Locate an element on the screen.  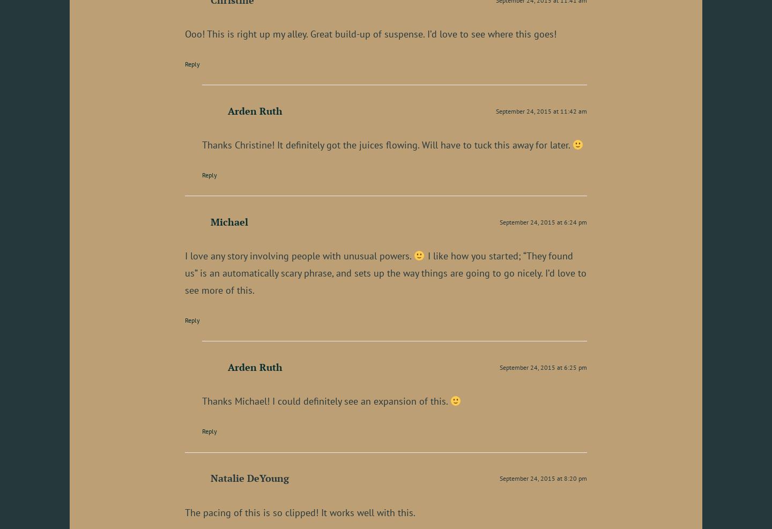
'I like how you started; “They found us” is an automatically scary phrase, and sets up the way things are going to go nicely. I’d love to see more of this.' is located at coordinates (185, 273).